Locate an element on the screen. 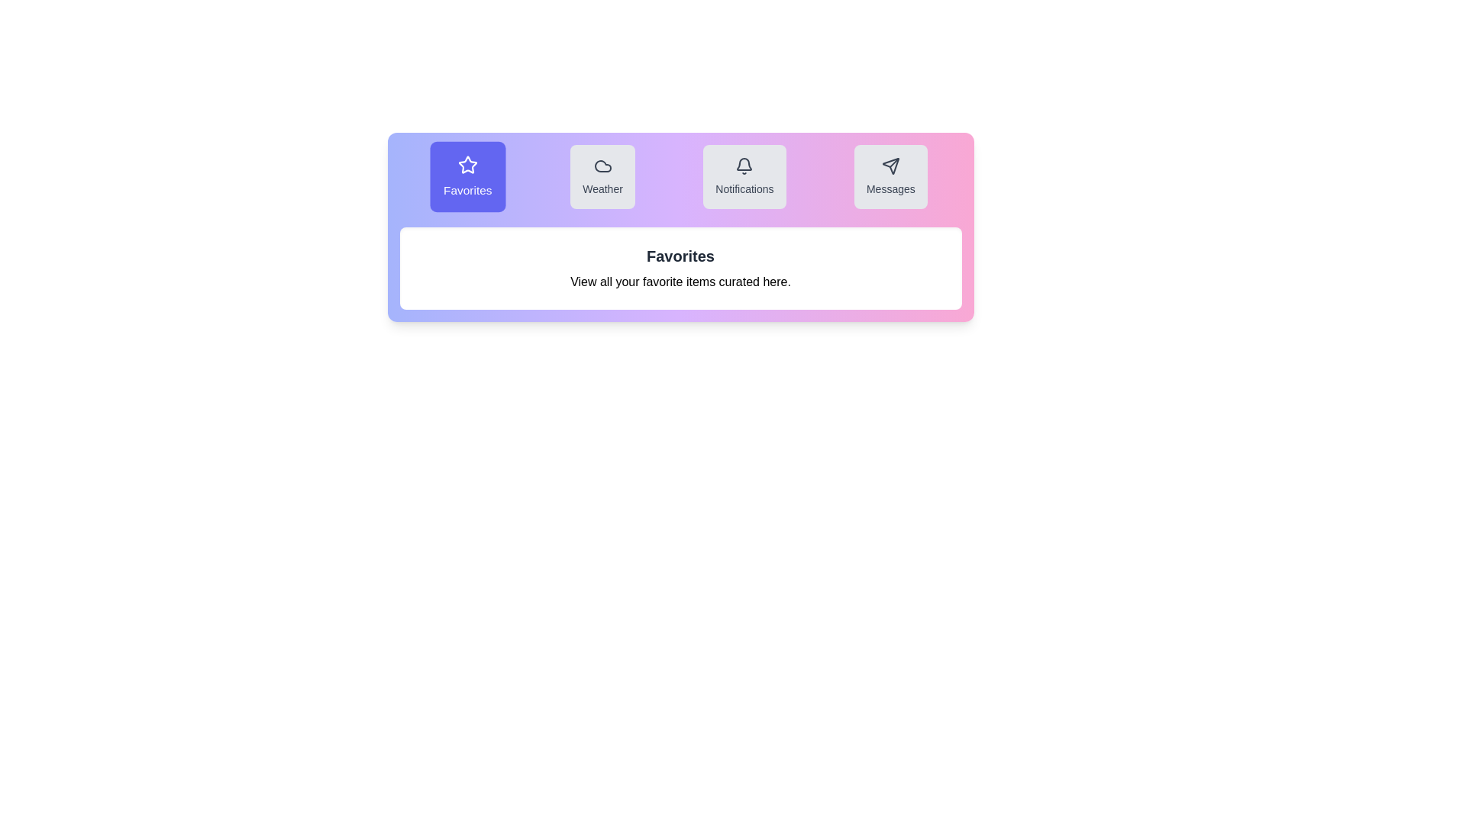 This screenshot has height=824, width=1466. the tab labeled Favorites to switch to its content view is located at coordinates (467, 175).